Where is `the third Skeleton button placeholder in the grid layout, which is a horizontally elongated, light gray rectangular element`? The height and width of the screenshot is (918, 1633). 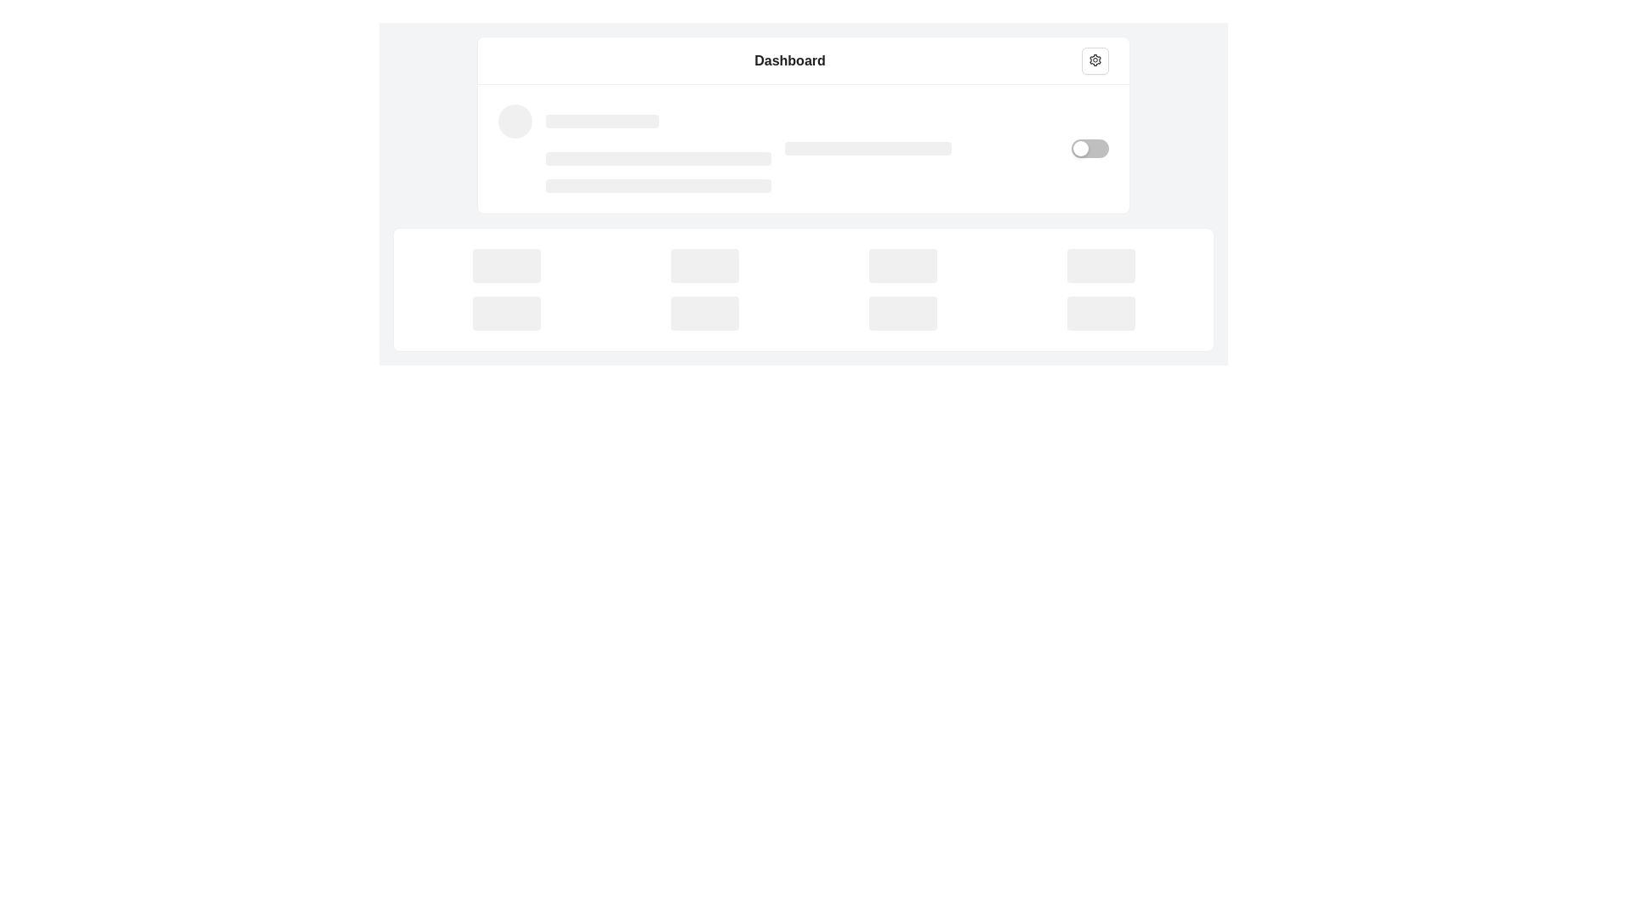 the third Skeleton button placeholder in the grid layout, which is a horizontally elongated, light gray rectangular element is located at coordinates (704, 314).